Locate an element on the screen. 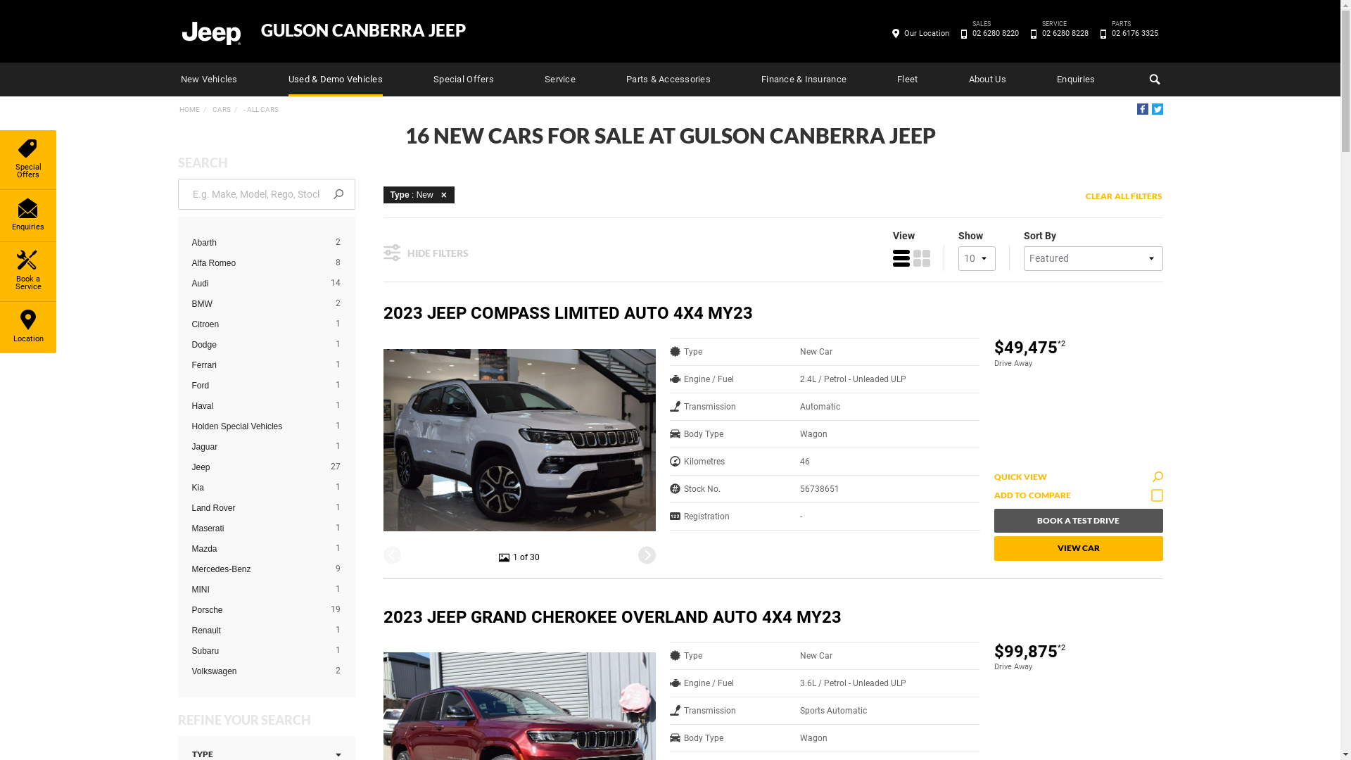 Image resolution: width=1351 pixels, height=760 pixels. 'Facebook' is located at coordinates (1142, 108).